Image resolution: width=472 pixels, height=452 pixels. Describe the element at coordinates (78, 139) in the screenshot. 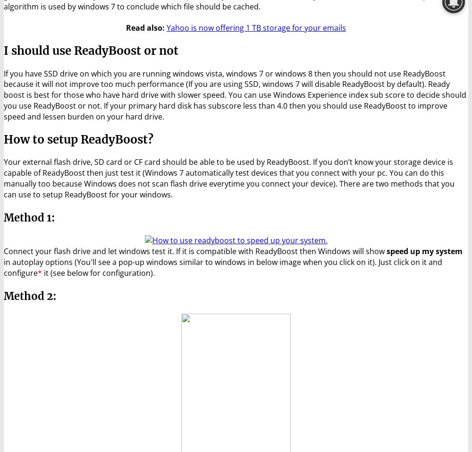

I see `'How to setup ReadyBoost?'` at that location.